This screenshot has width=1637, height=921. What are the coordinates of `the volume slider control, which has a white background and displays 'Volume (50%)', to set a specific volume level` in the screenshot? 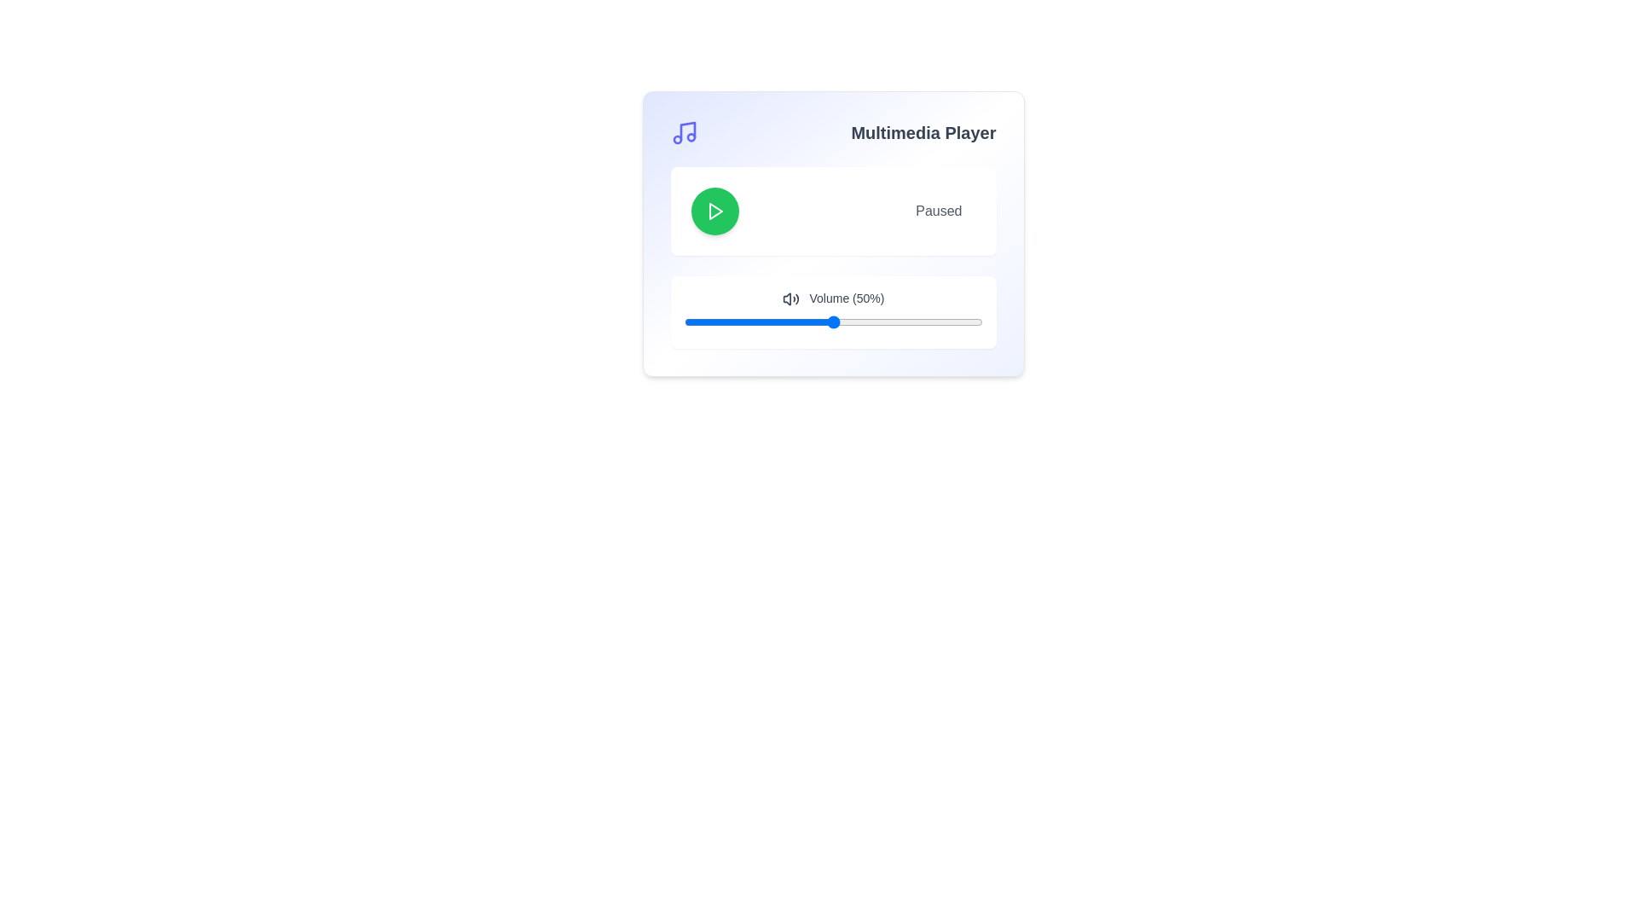 It's located at (833, 312).